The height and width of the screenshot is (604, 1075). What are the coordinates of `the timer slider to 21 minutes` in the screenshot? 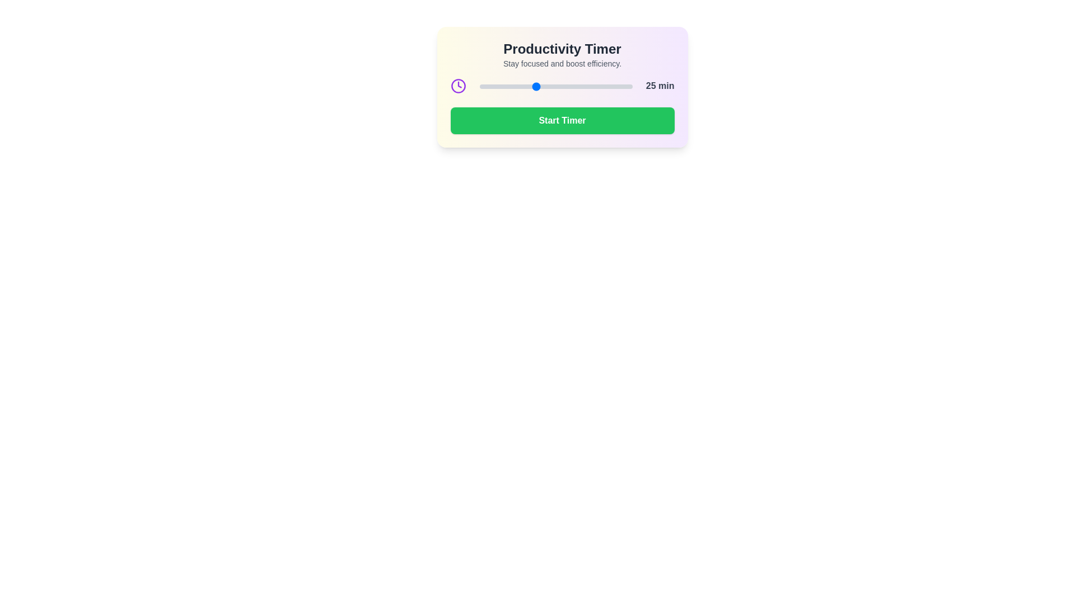 It's located at (524, 86).